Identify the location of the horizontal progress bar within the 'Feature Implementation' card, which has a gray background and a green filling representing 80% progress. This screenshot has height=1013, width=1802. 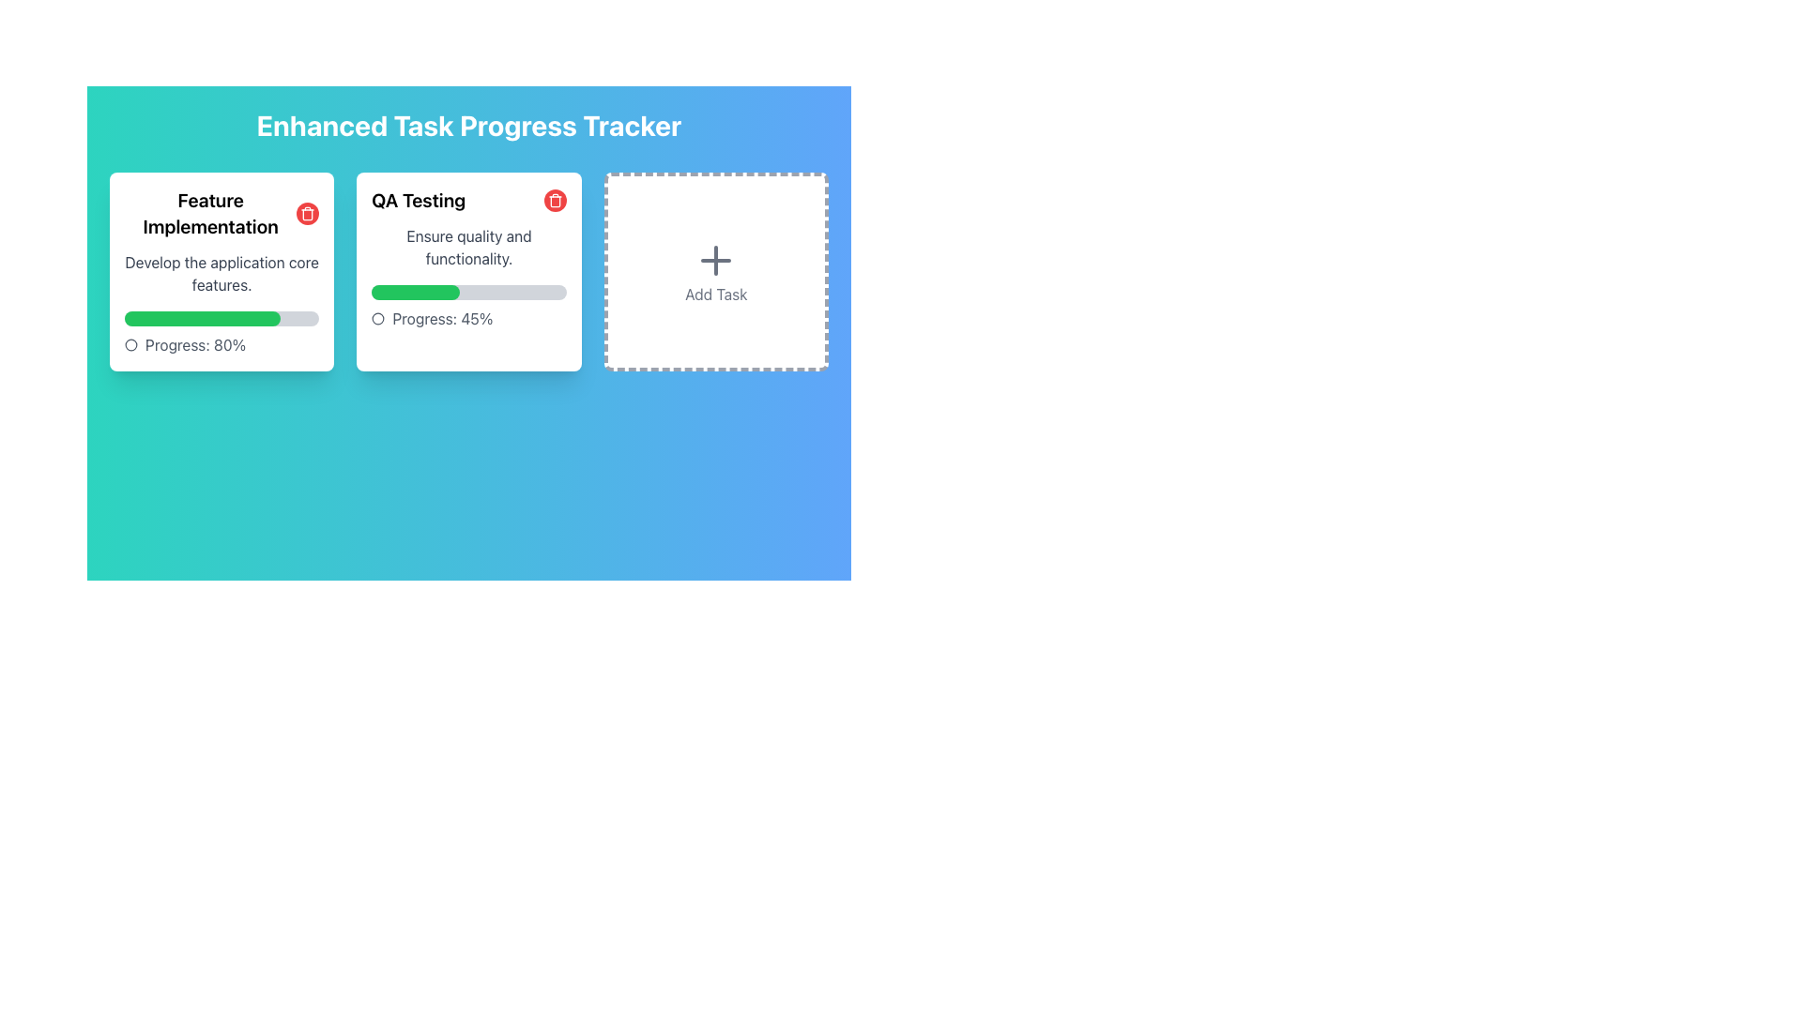
(221, 317).